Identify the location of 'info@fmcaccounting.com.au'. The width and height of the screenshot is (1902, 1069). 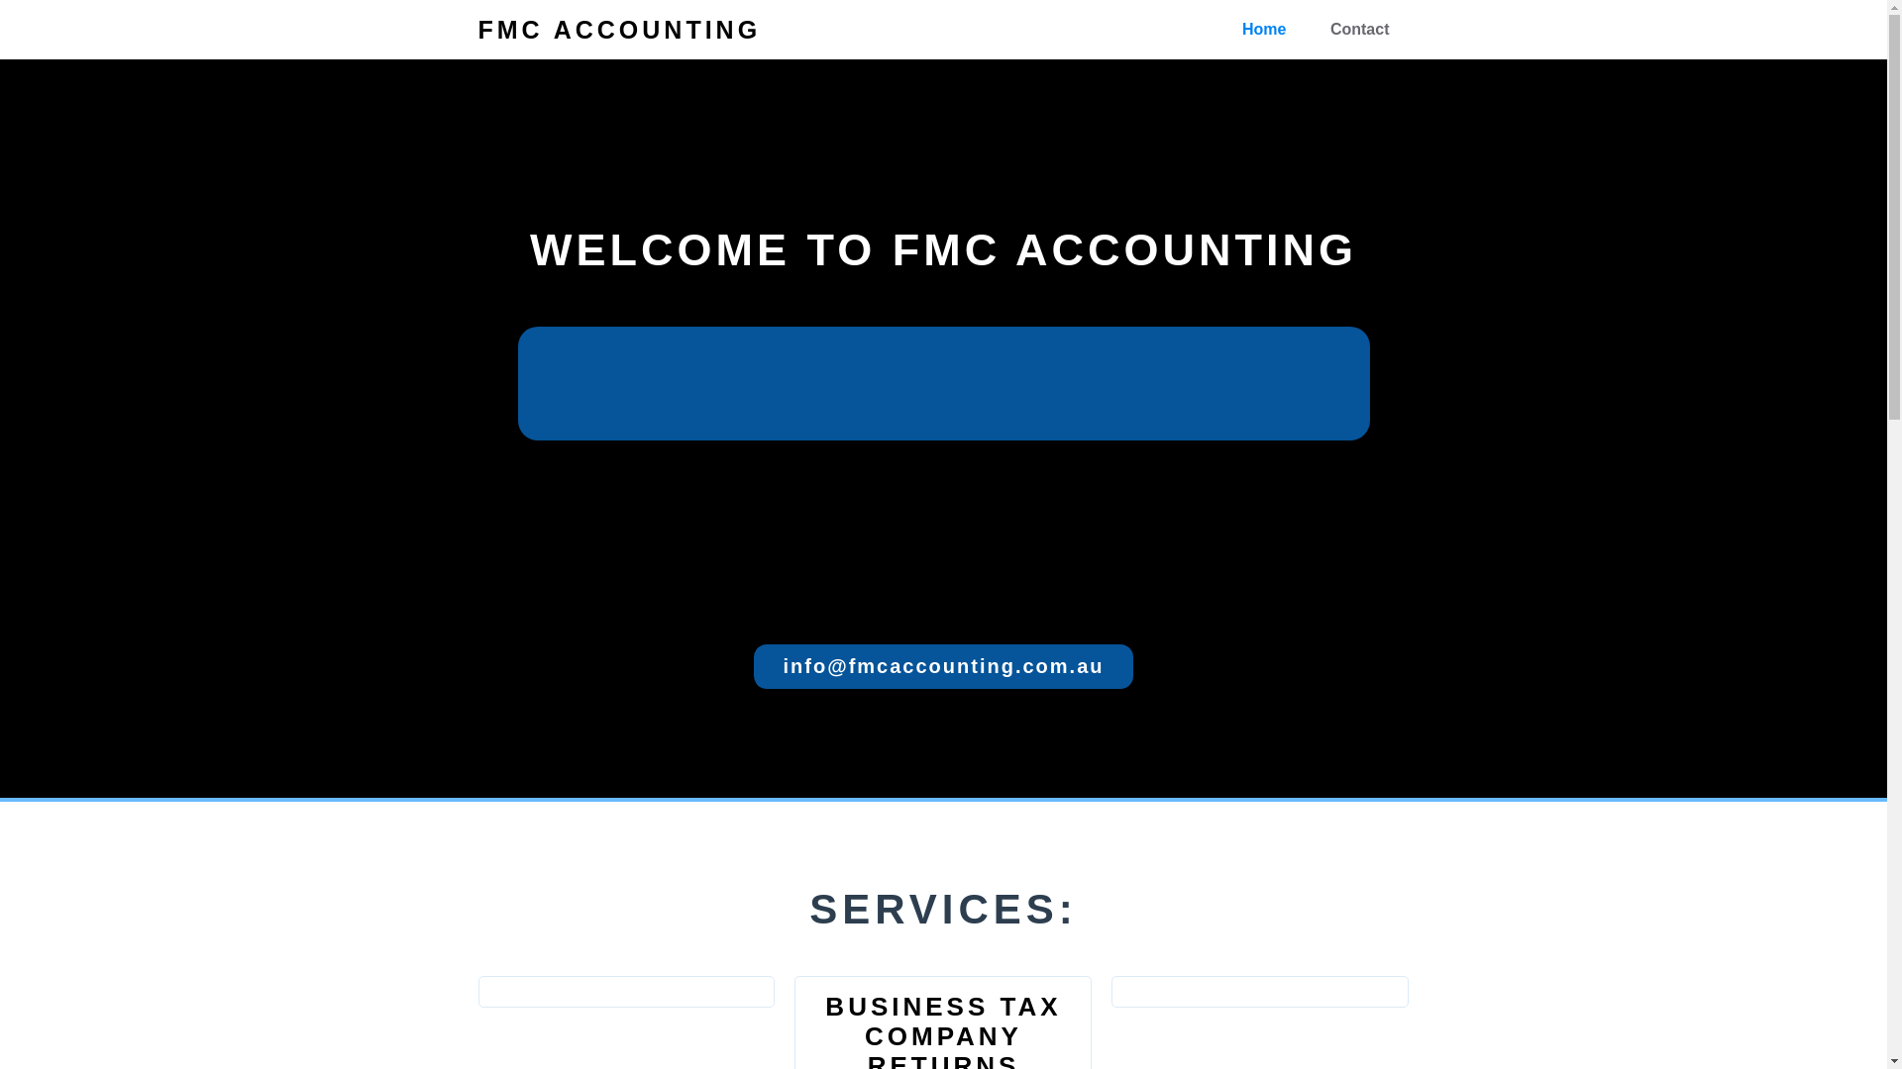
(943, 666).